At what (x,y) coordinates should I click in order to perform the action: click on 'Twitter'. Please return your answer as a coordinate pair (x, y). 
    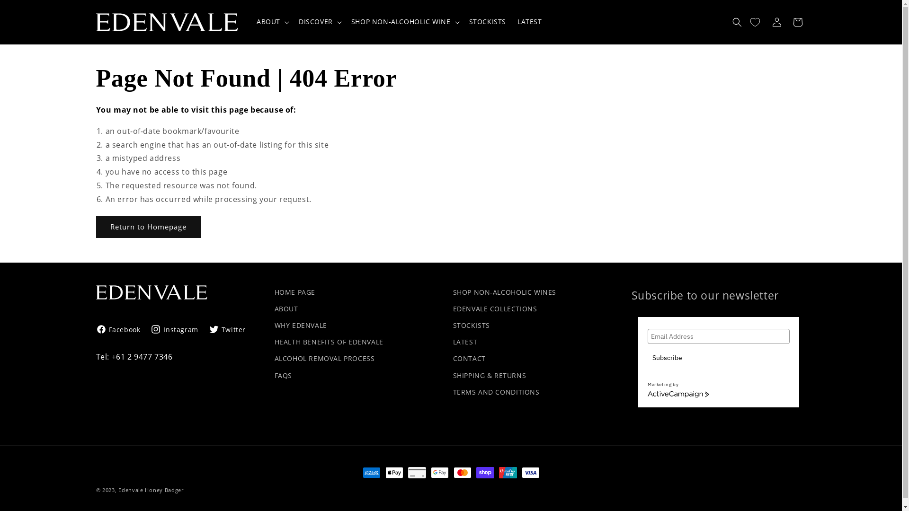
    Looking at the image, I should click on (227, 329).